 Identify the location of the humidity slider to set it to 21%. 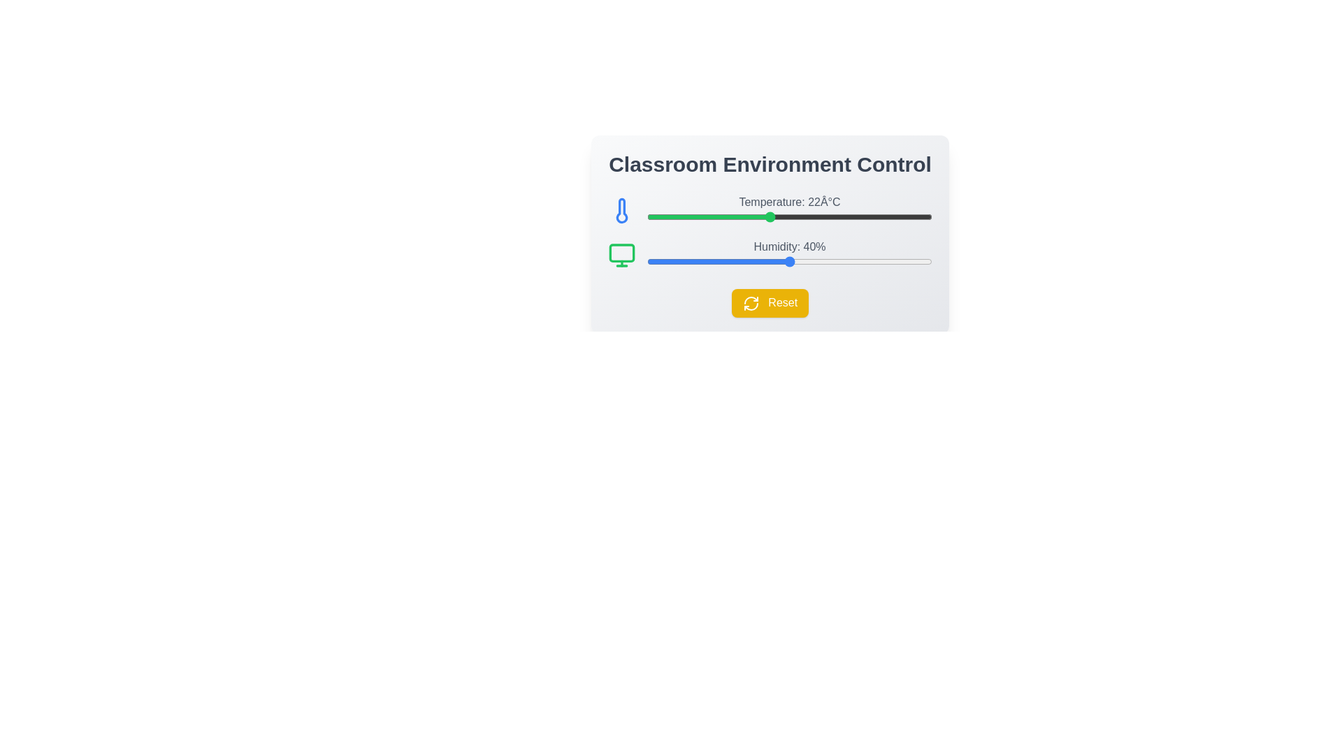
(654, 261).